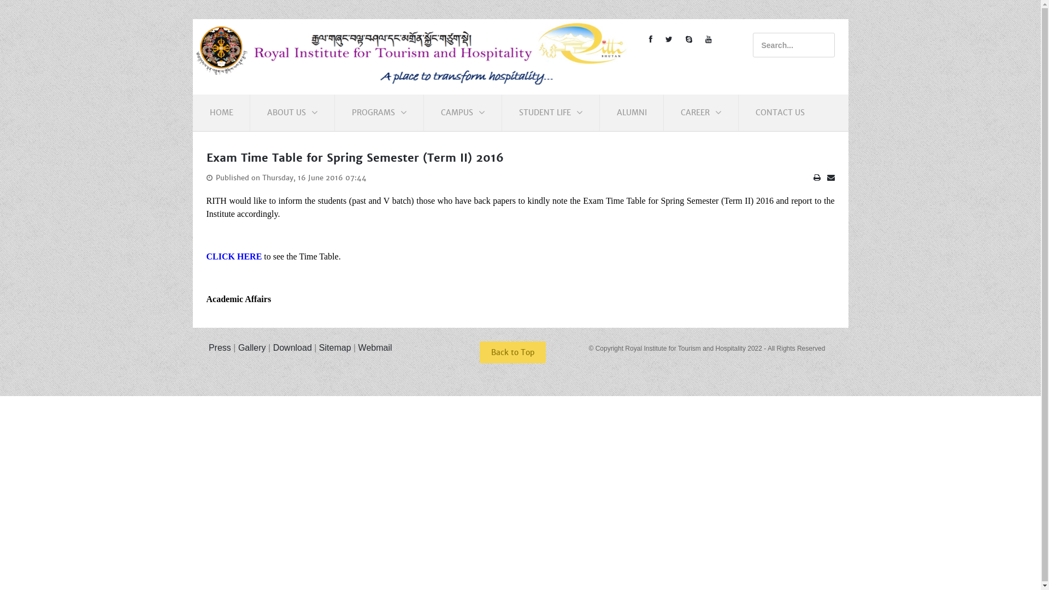  Describe the element at coordinates (512, 352) in the screenshot. I see `'Back to Top'` at that location.